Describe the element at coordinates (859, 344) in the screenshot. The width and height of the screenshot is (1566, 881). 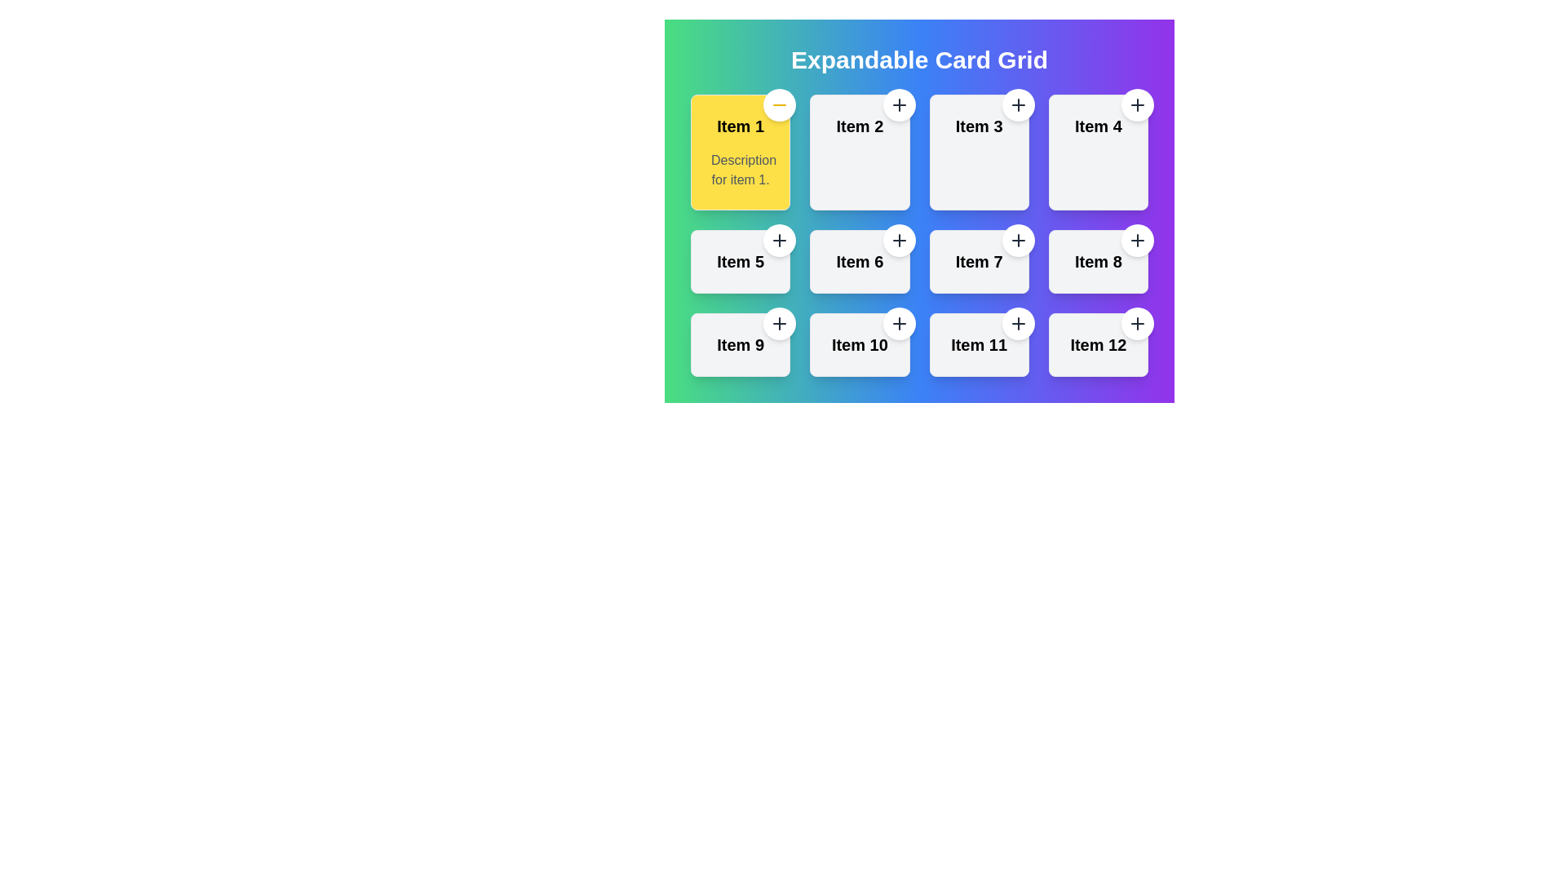
I see `the interactive card located in the last row and second column of the grid layout, which contains a Plus button for expanding details` at that location.